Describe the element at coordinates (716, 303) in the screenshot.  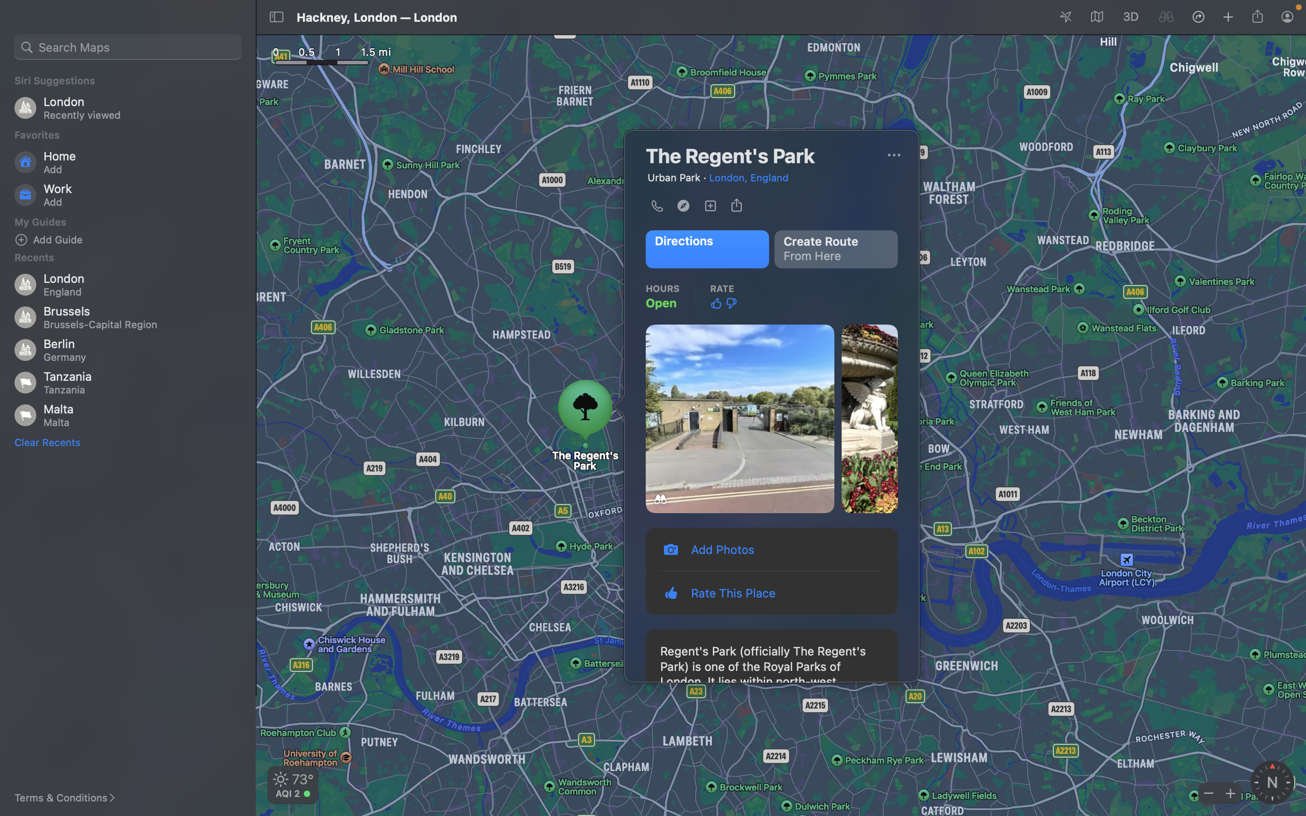
I see `Show your liking for the place by hitting the like button` at that location.